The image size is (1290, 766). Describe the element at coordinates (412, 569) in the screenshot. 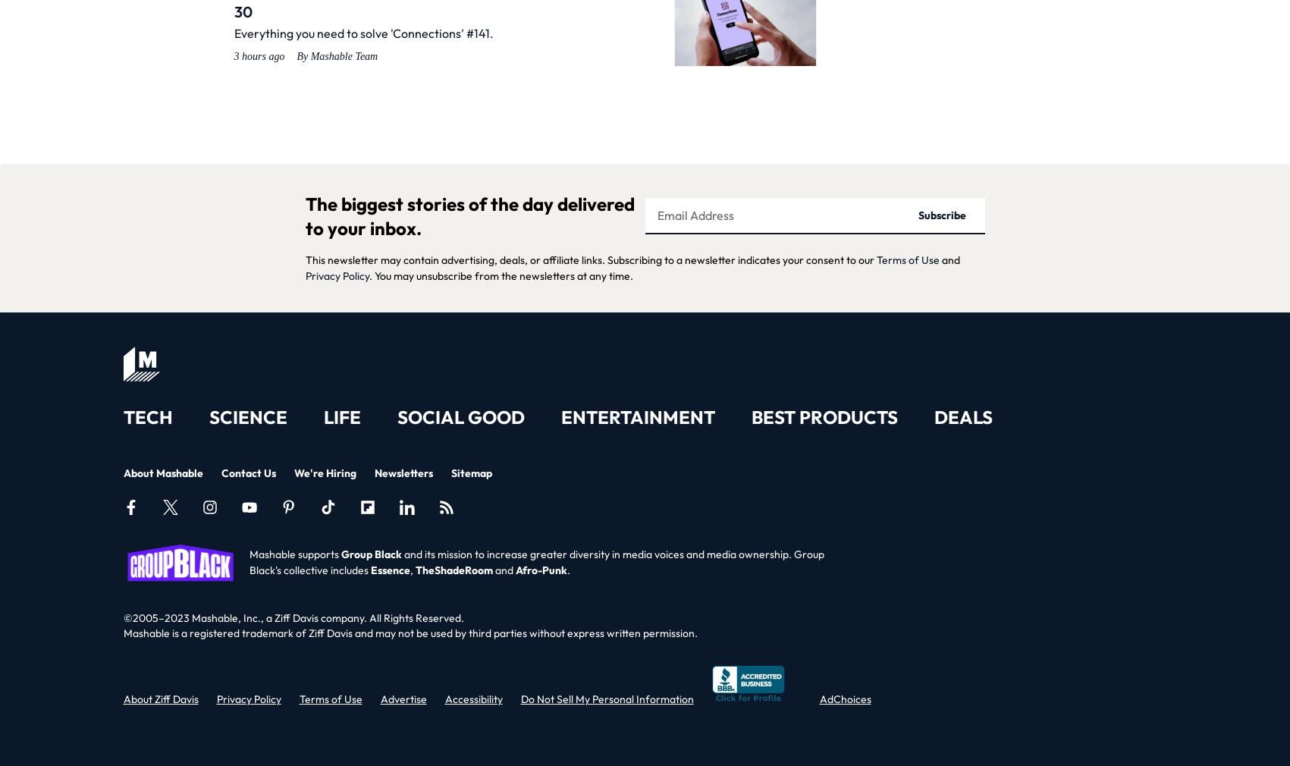

I see `','` at that location.